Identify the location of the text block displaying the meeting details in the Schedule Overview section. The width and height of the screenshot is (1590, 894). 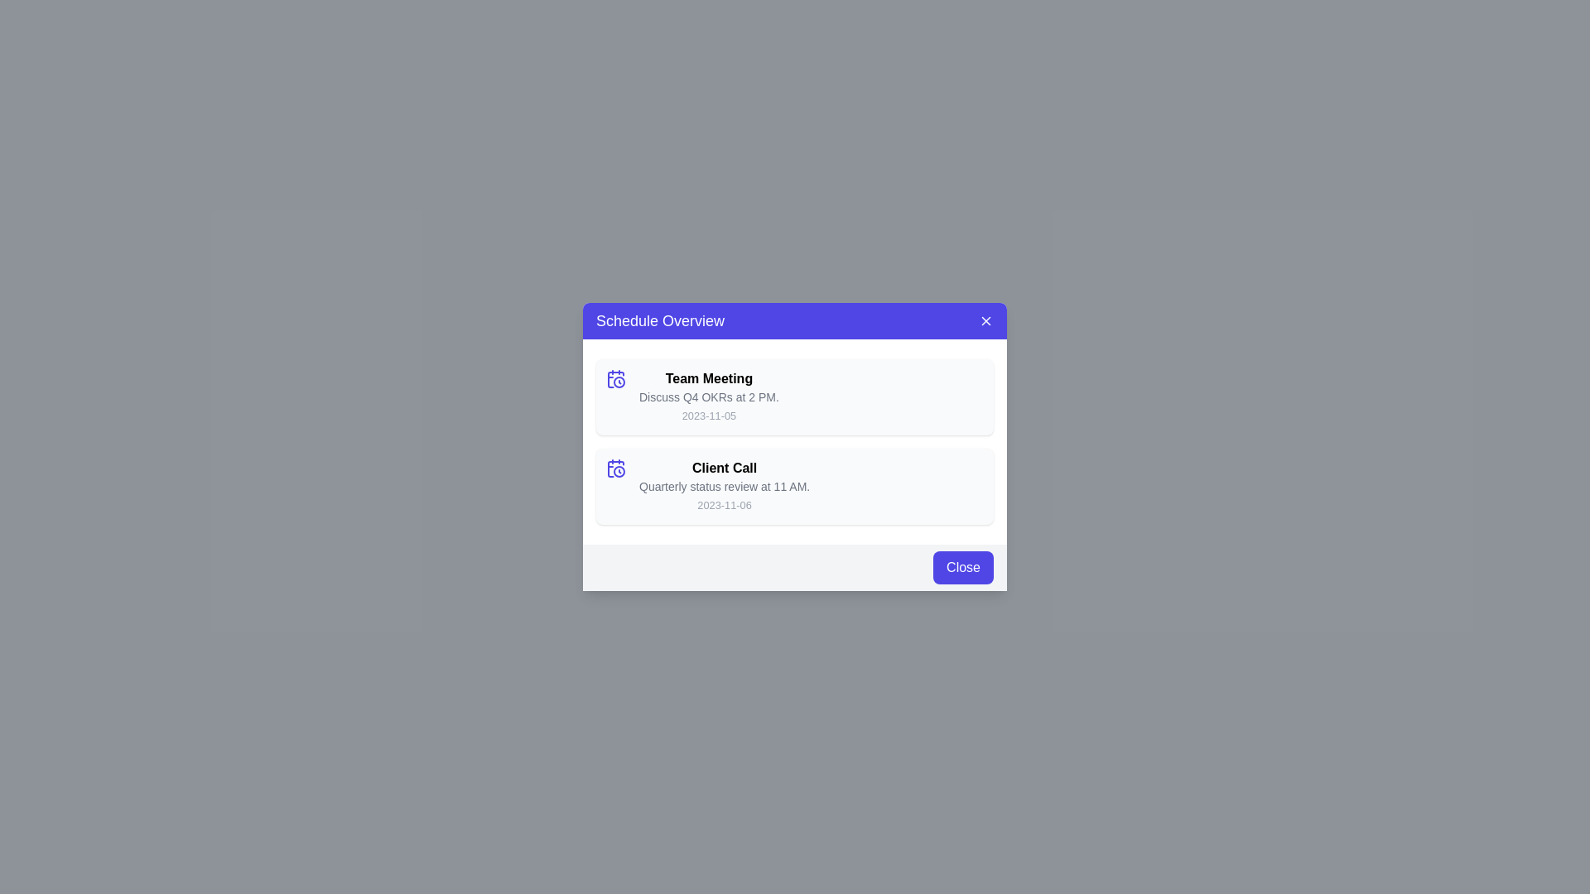
(709, 397).